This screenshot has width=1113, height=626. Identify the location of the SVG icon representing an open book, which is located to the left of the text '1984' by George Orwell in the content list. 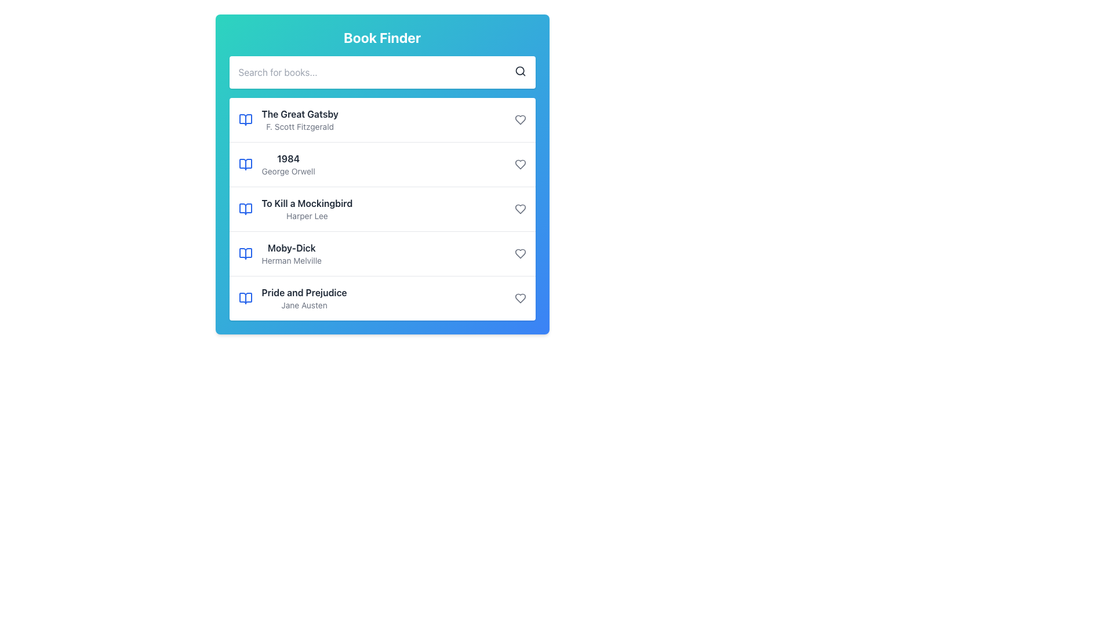
(245, 165).